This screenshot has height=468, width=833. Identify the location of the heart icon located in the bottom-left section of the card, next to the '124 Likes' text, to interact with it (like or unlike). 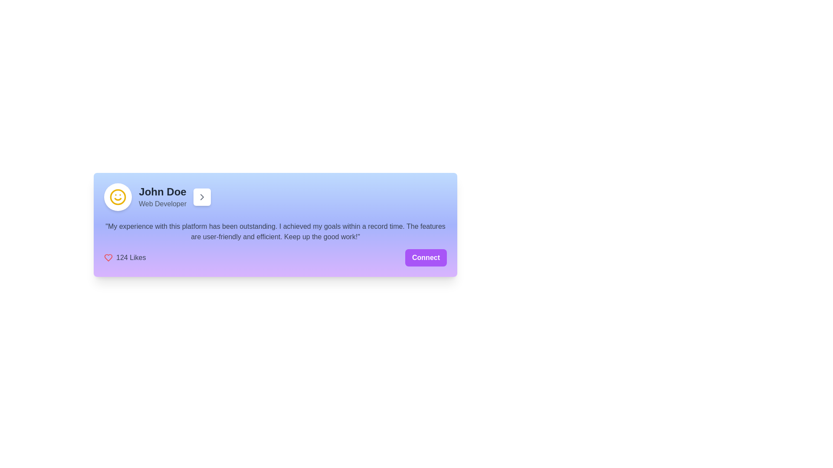
(108, 257).